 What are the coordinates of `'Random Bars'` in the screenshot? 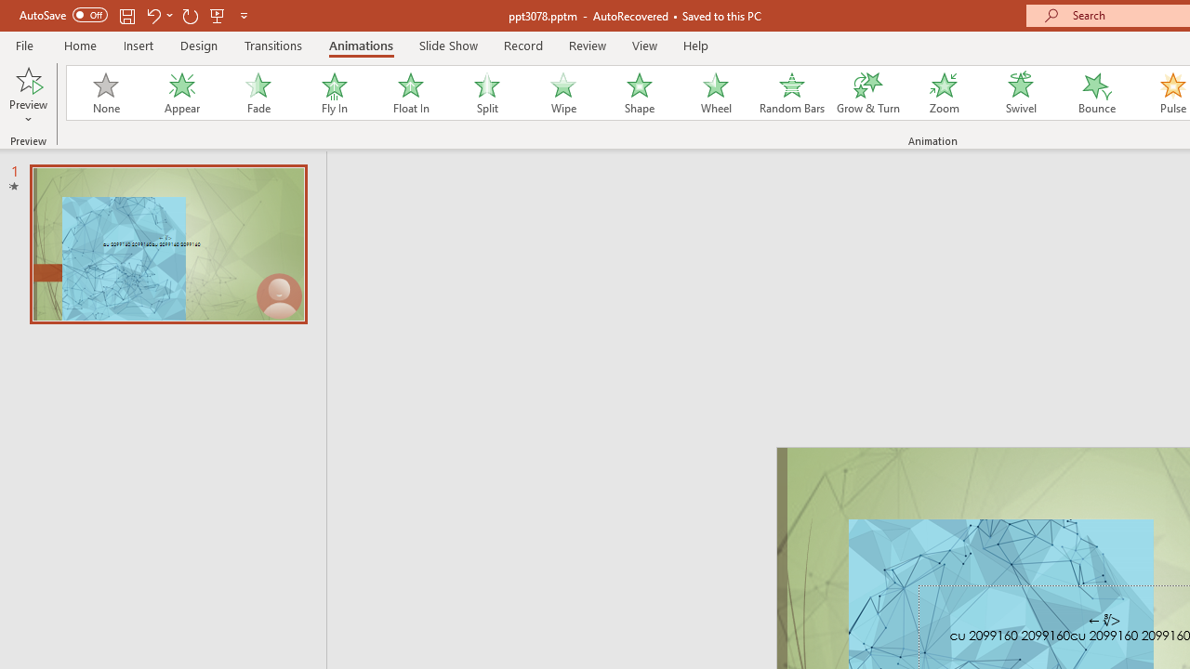 It's located at (792, 93).